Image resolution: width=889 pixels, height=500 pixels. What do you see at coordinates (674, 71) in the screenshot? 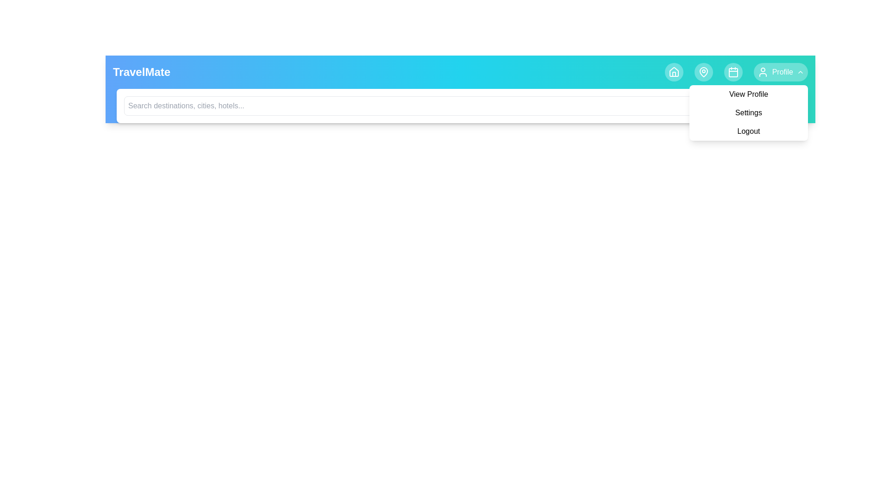
I see `the Home navigation icon` at bounding box center [674, 71].